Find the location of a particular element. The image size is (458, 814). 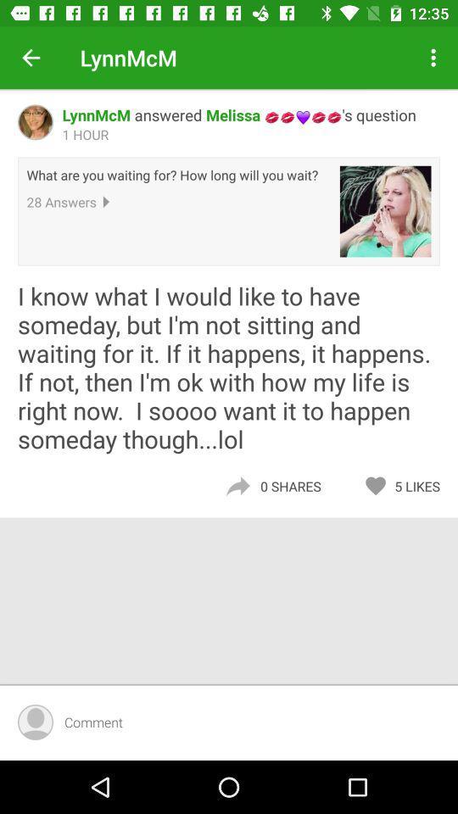

icon to the left of the lynnmcm icon is located at coordinates (31, 58).